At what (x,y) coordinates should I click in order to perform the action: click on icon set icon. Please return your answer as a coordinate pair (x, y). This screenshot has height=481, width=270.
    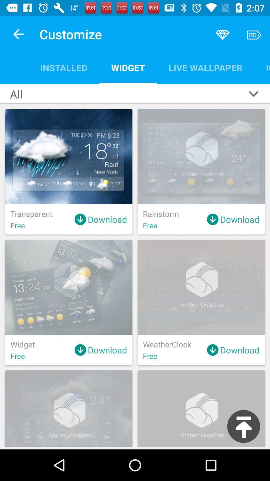
    Looking at the image, I should click on (262, 67).